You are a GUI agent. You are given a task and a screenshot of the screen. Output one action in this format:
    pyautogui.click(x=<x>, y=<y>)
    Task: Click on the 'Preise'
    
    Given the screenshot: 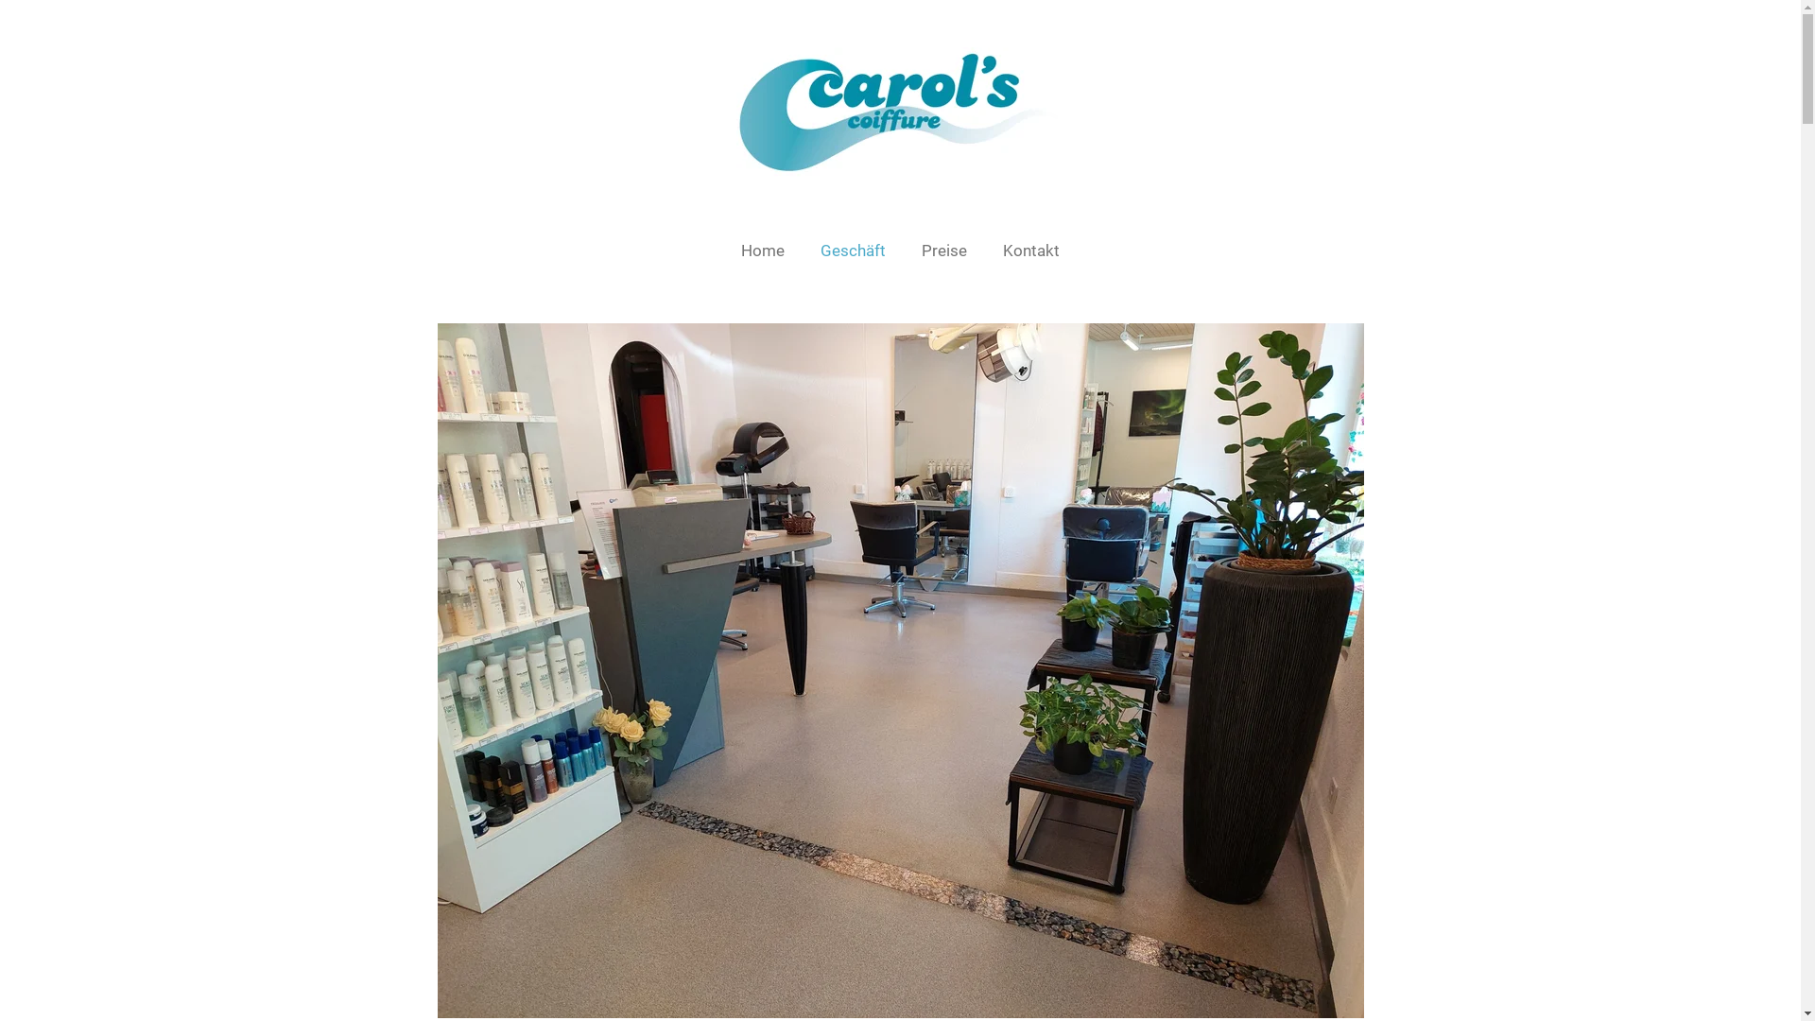 What is the action you would take?
    pyautogui.click(x=907, y=251)
    